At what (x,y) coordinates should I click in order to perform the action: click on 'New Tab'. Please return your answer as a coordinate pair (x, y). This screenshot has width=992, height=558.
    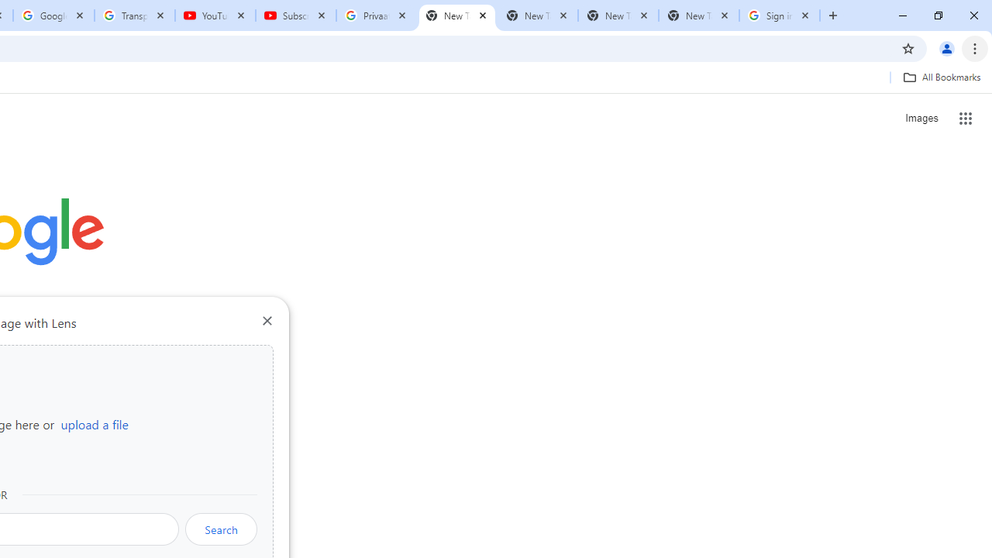
    Looking at the image, I should click on (697, 15).